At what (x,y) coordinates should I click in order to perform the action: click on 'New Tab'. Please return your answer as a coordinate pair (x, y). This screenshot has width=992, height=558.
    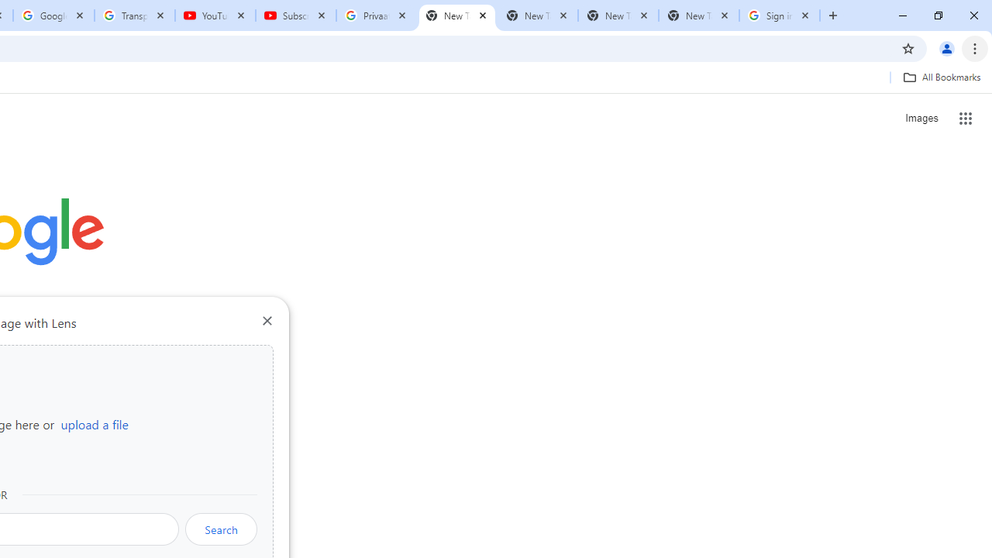
    Looking at the image, I should click on (697, 15).